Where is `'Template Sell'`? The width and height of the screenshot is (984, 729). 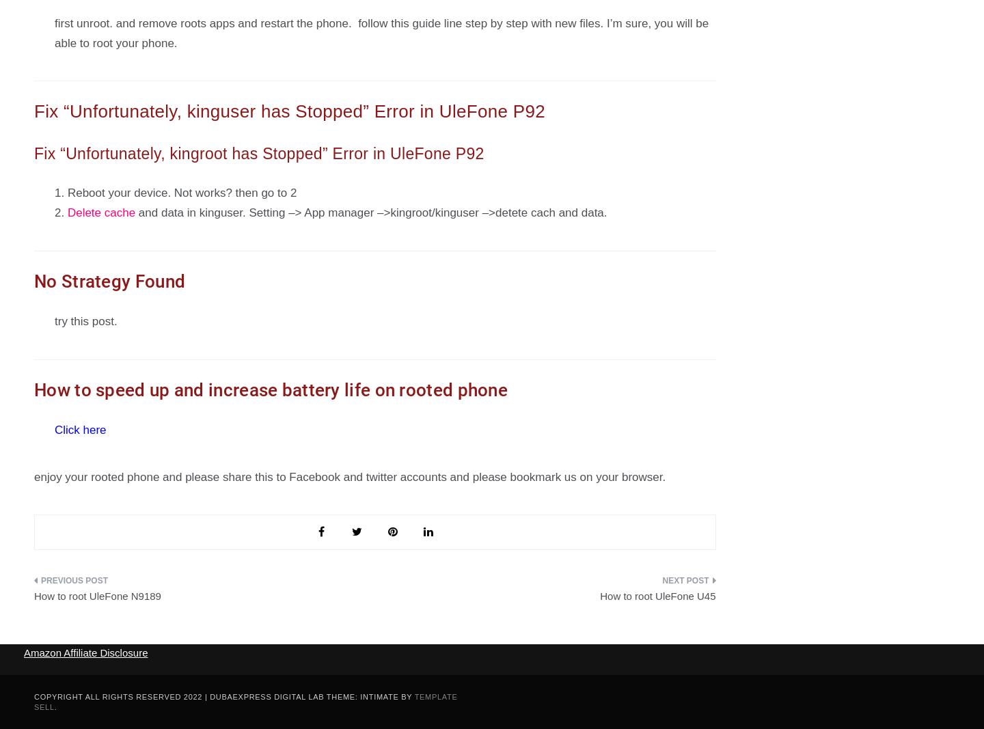
'Template Sell' is located at coordinates (245, 701).